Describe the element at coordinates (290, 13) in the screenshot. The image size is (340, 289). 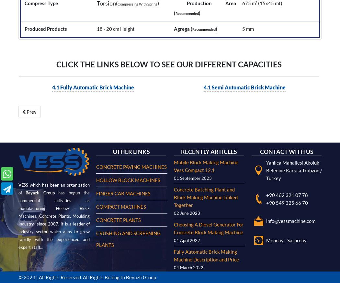
I see `'info@vessmachine.com'` at that location.